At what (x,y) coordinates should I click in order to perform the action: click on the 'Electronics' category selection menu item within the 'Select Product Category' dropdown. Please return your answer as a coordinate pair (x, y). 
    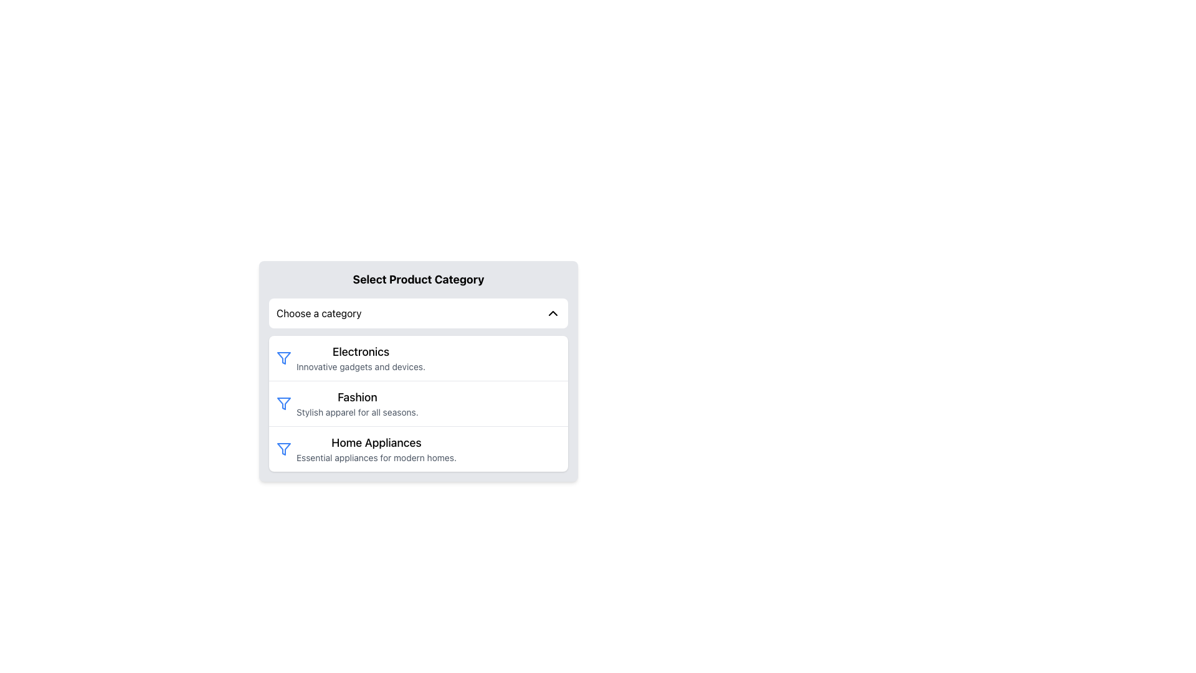
    Looking at the image, I should click on (419, 358).